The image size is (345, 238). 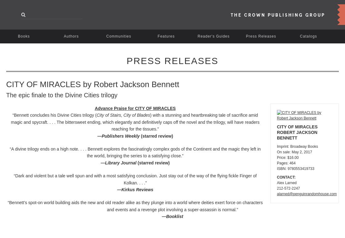 I want to click on 'Price: $16.00', so click(x=277, y=158).